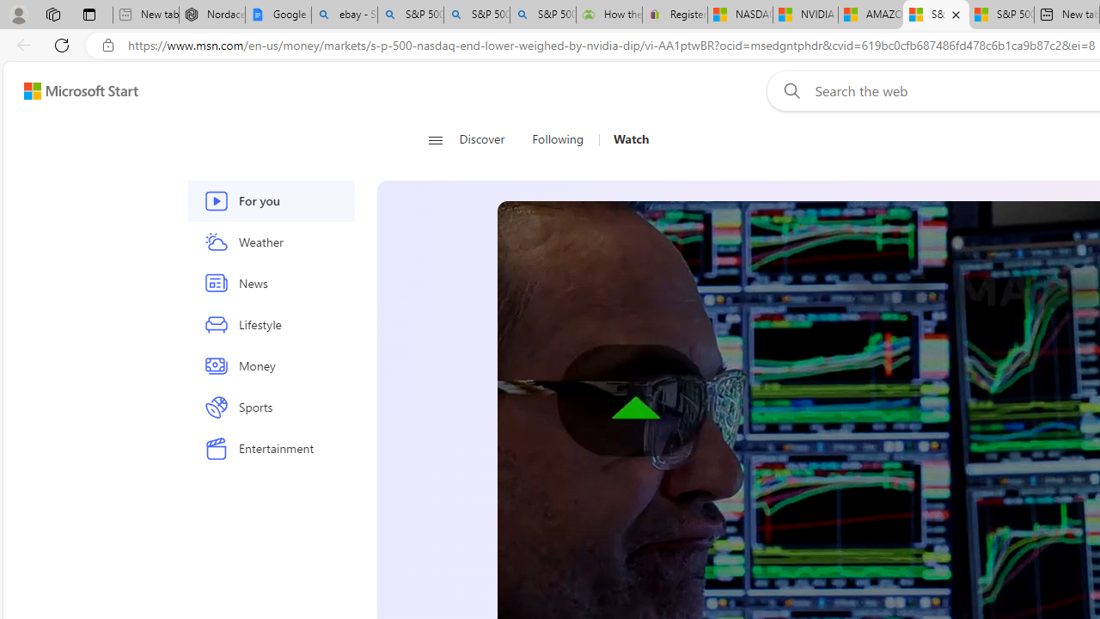 The image size is (1100, 619). What do you see at coordinates (18, 14) in the screenshot?
I see `'Personal Profile'` at bounding box center [18, 14].